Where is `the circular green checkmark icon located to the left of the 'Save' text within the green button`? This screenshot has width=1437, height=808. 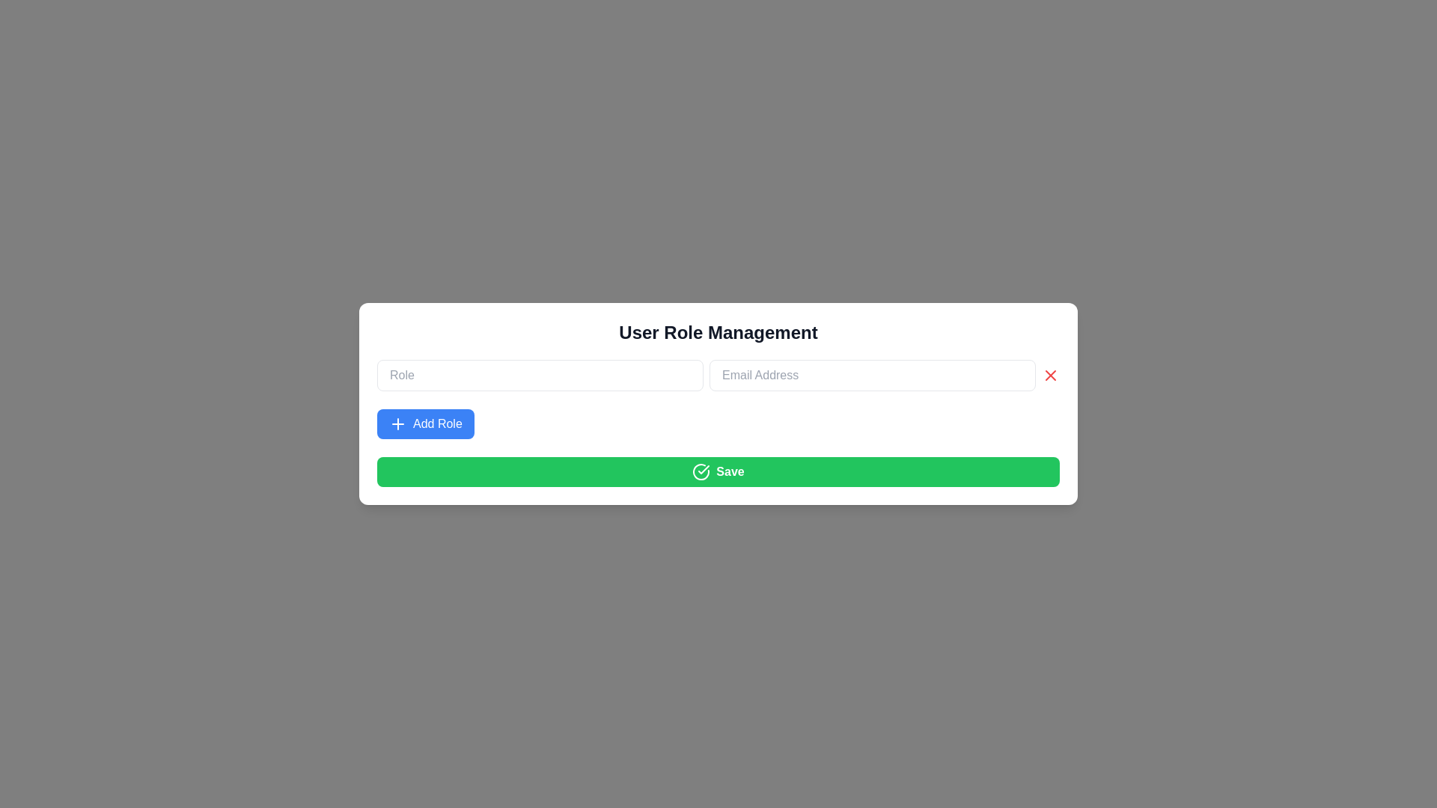 the circular green checkmark icon located to the left of the 'Save' text within the green button is located at coordinates (701, 472).